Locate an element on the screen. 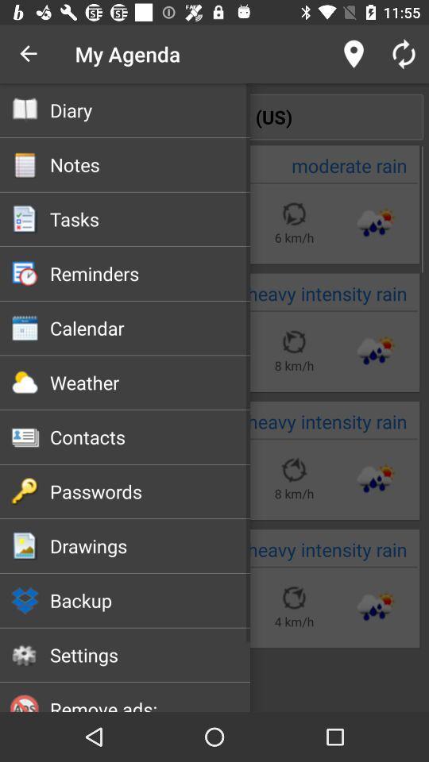 This screenshot has width=429, height=762. below the password option is located at coordinates (25, 546).